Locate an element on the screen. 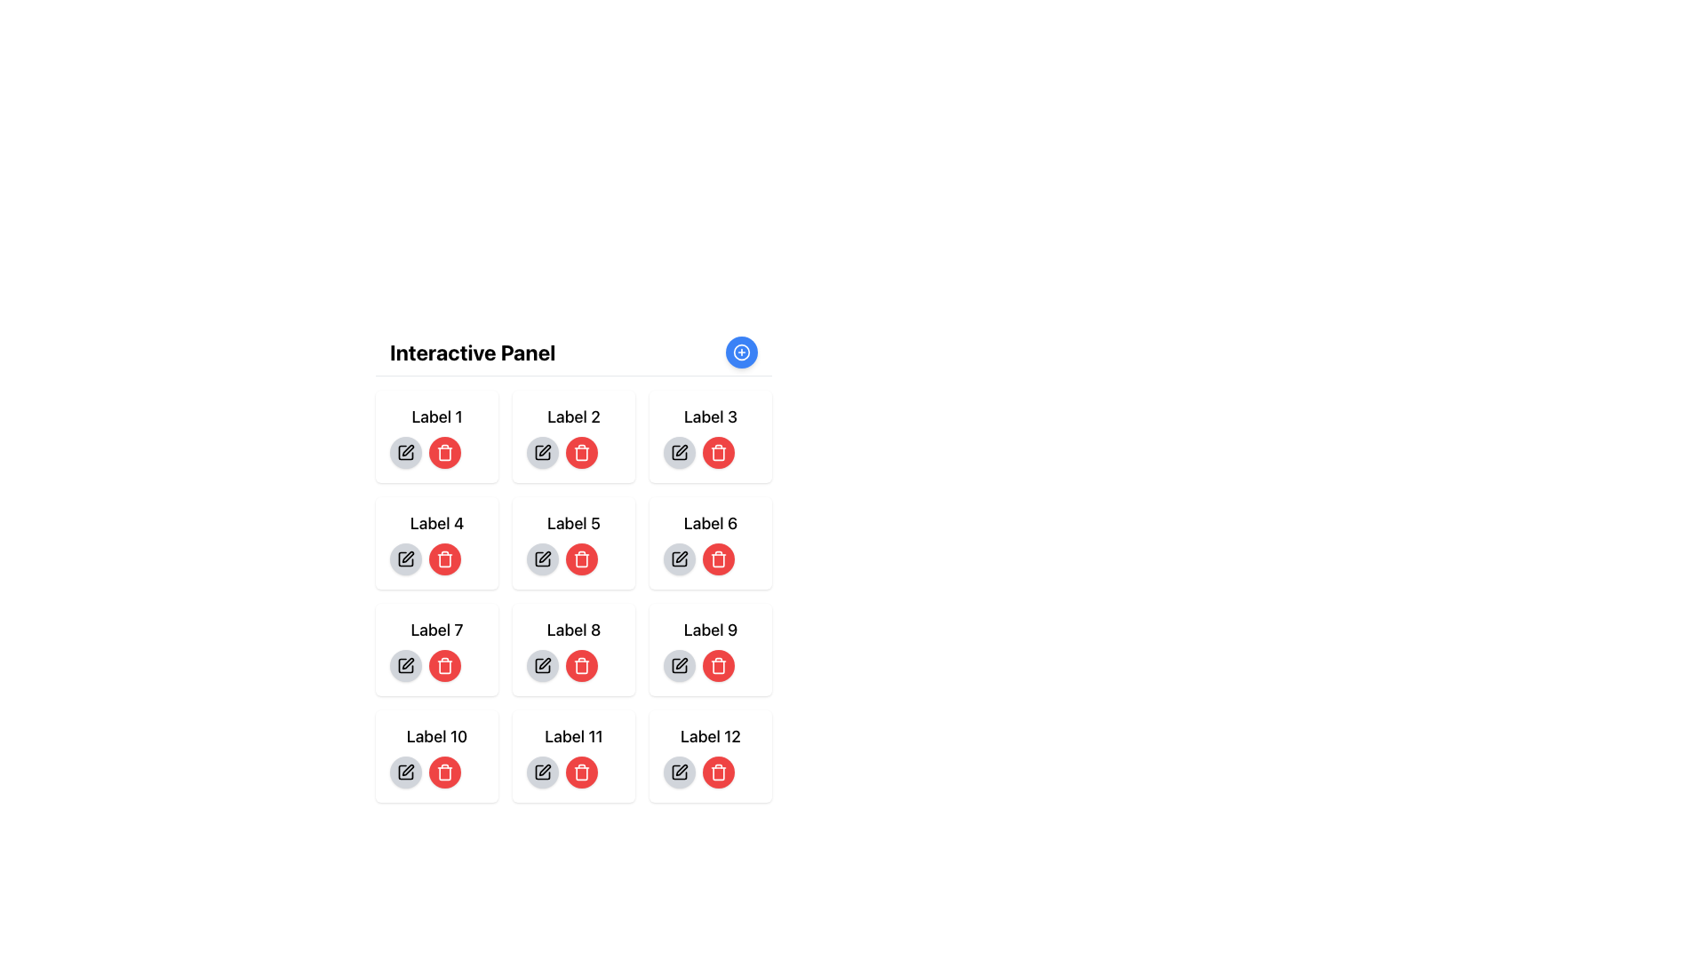  the deletion button located in the third row, first column of the grid in the 'Interactive Panel' is located at coordinates (444, 665).